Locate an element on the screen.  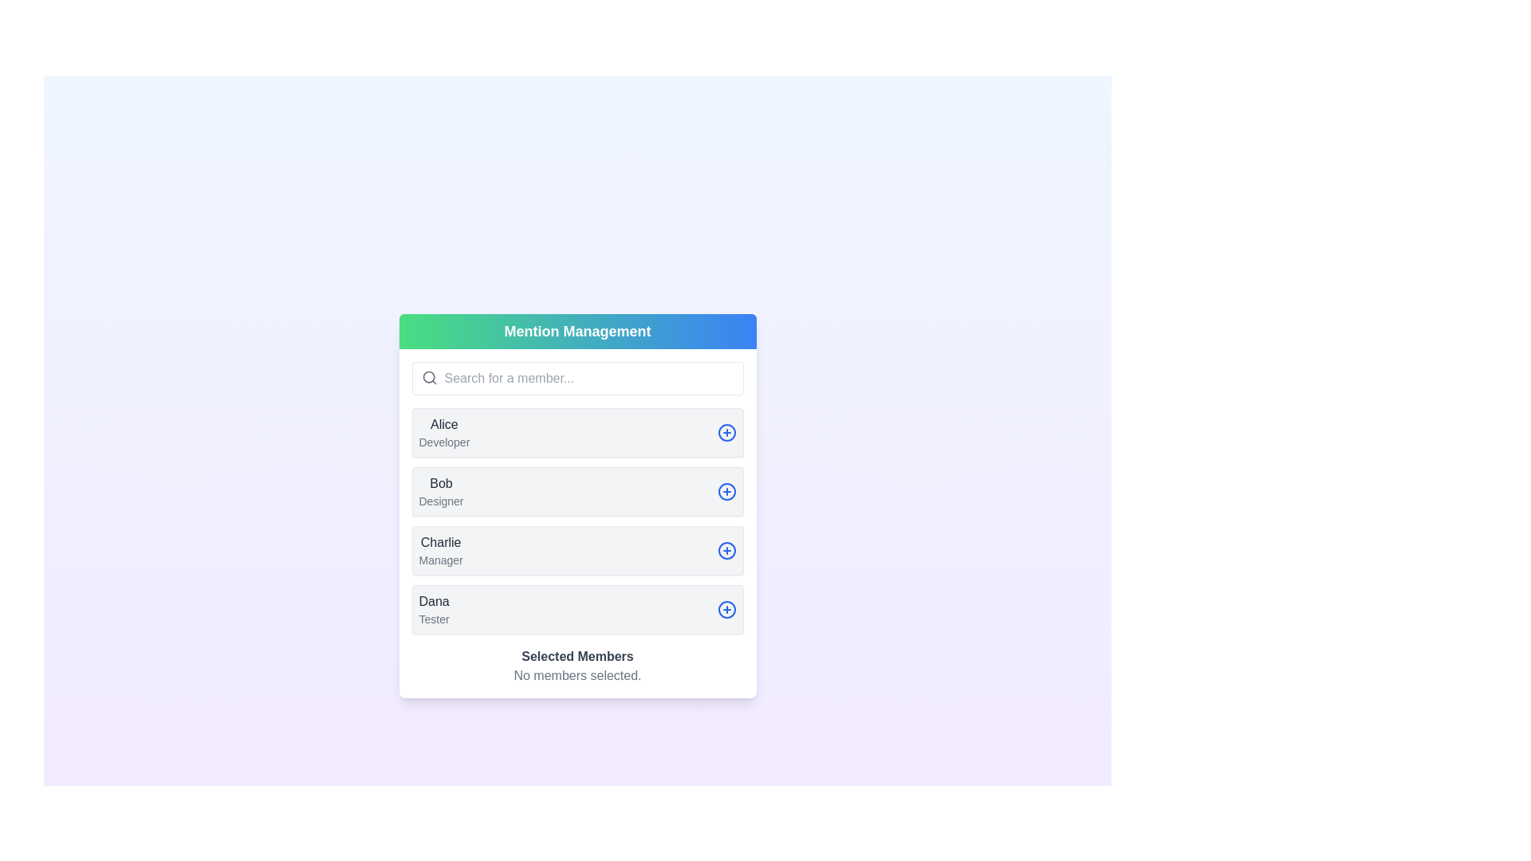
the circular blue icon with a white outline of a plus sign, located in the bottom-right corner of the row labeled 'Dana Tester' is located at coordinates (726, 609).